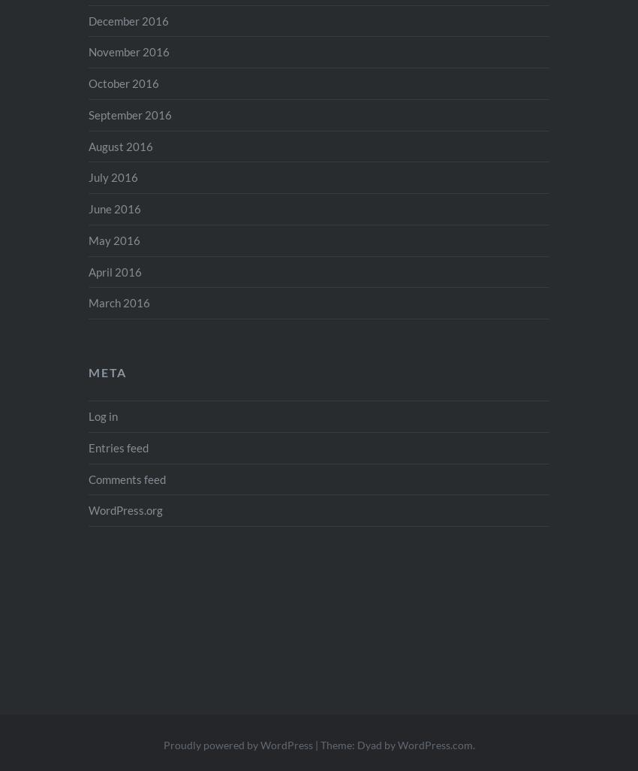 This screenshot has height=771, width=638. I want to click on 'October 2016', so click(123, 83).